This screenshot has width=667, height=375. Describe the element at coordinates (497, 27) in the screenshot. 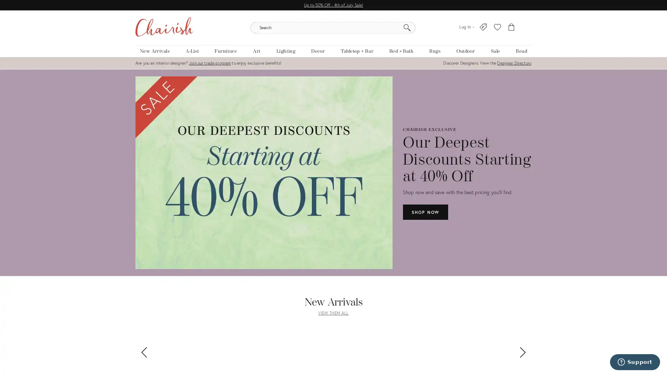

I see `My Favorites` at that location.